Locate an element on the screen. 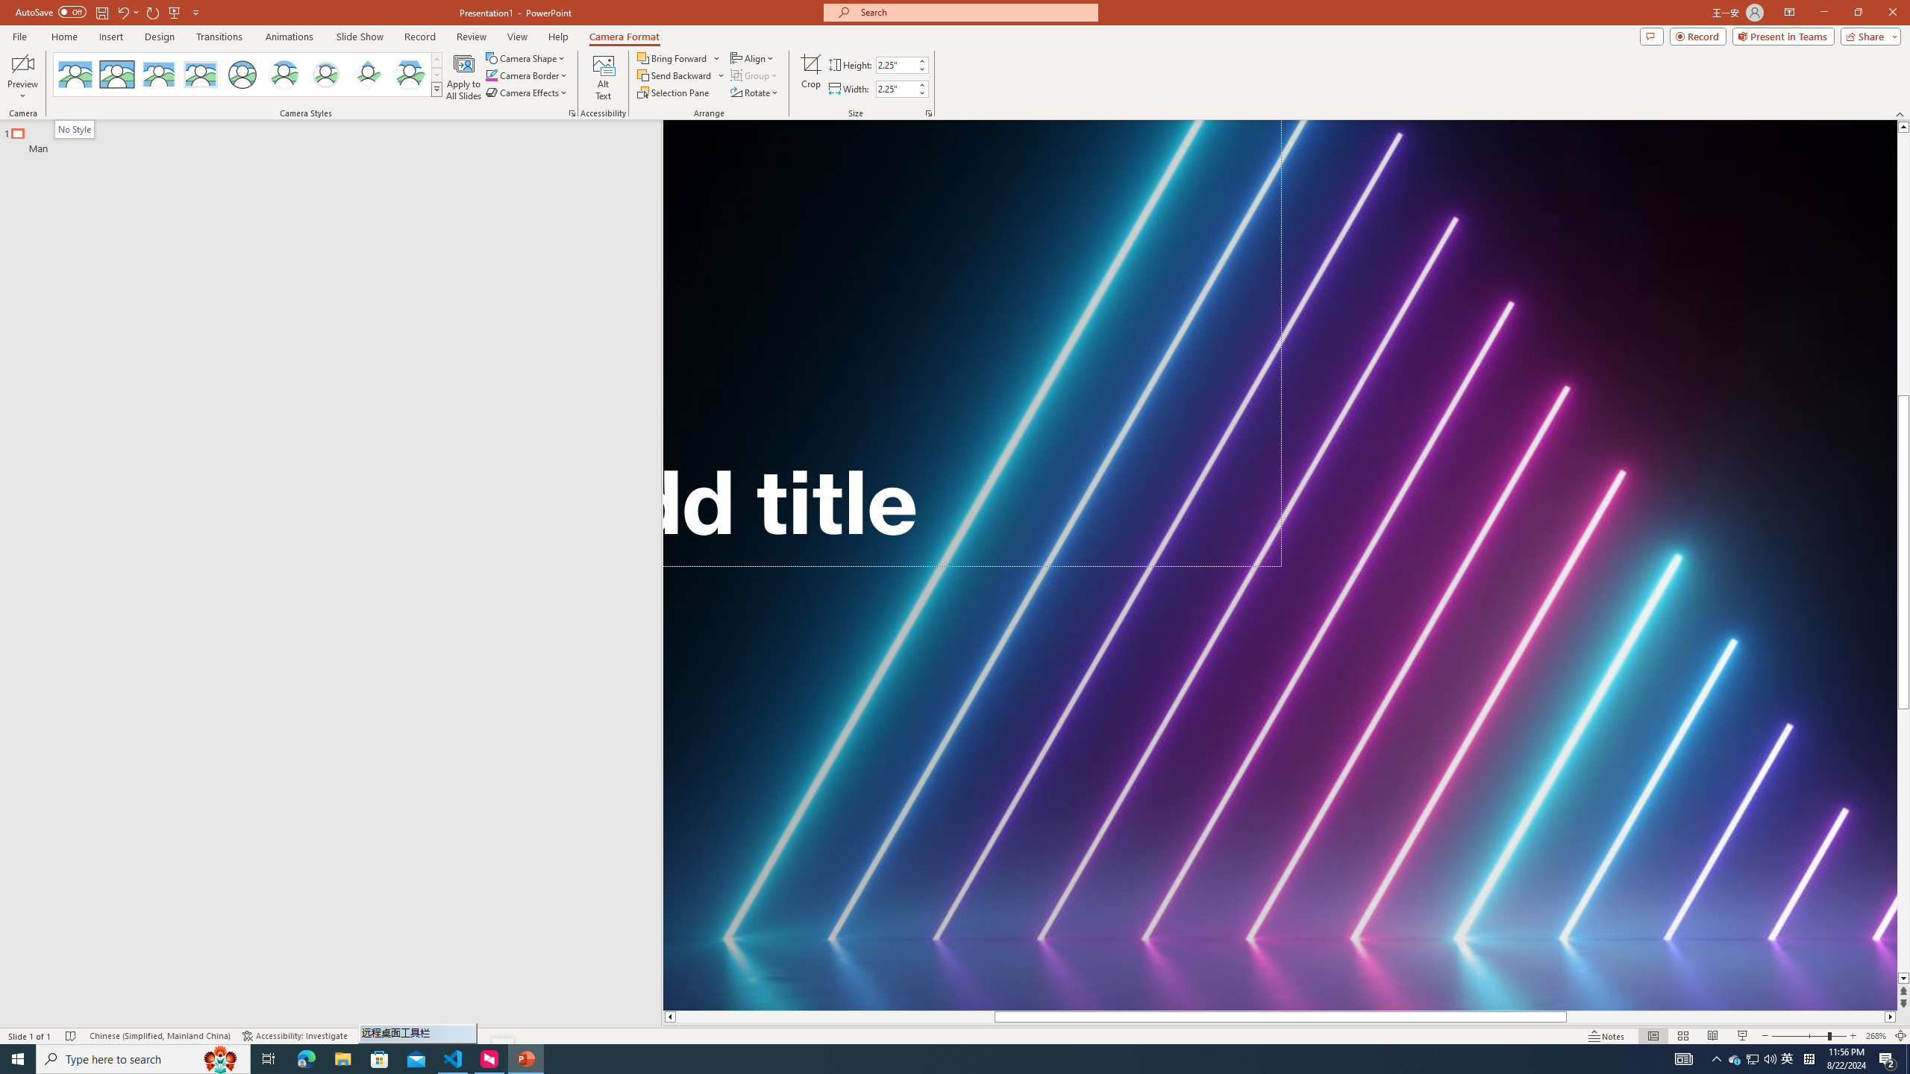 The height and width of the screenshot is (1074, 1910). 'Simple Frame Circle' is located at coordinates (242, 74).